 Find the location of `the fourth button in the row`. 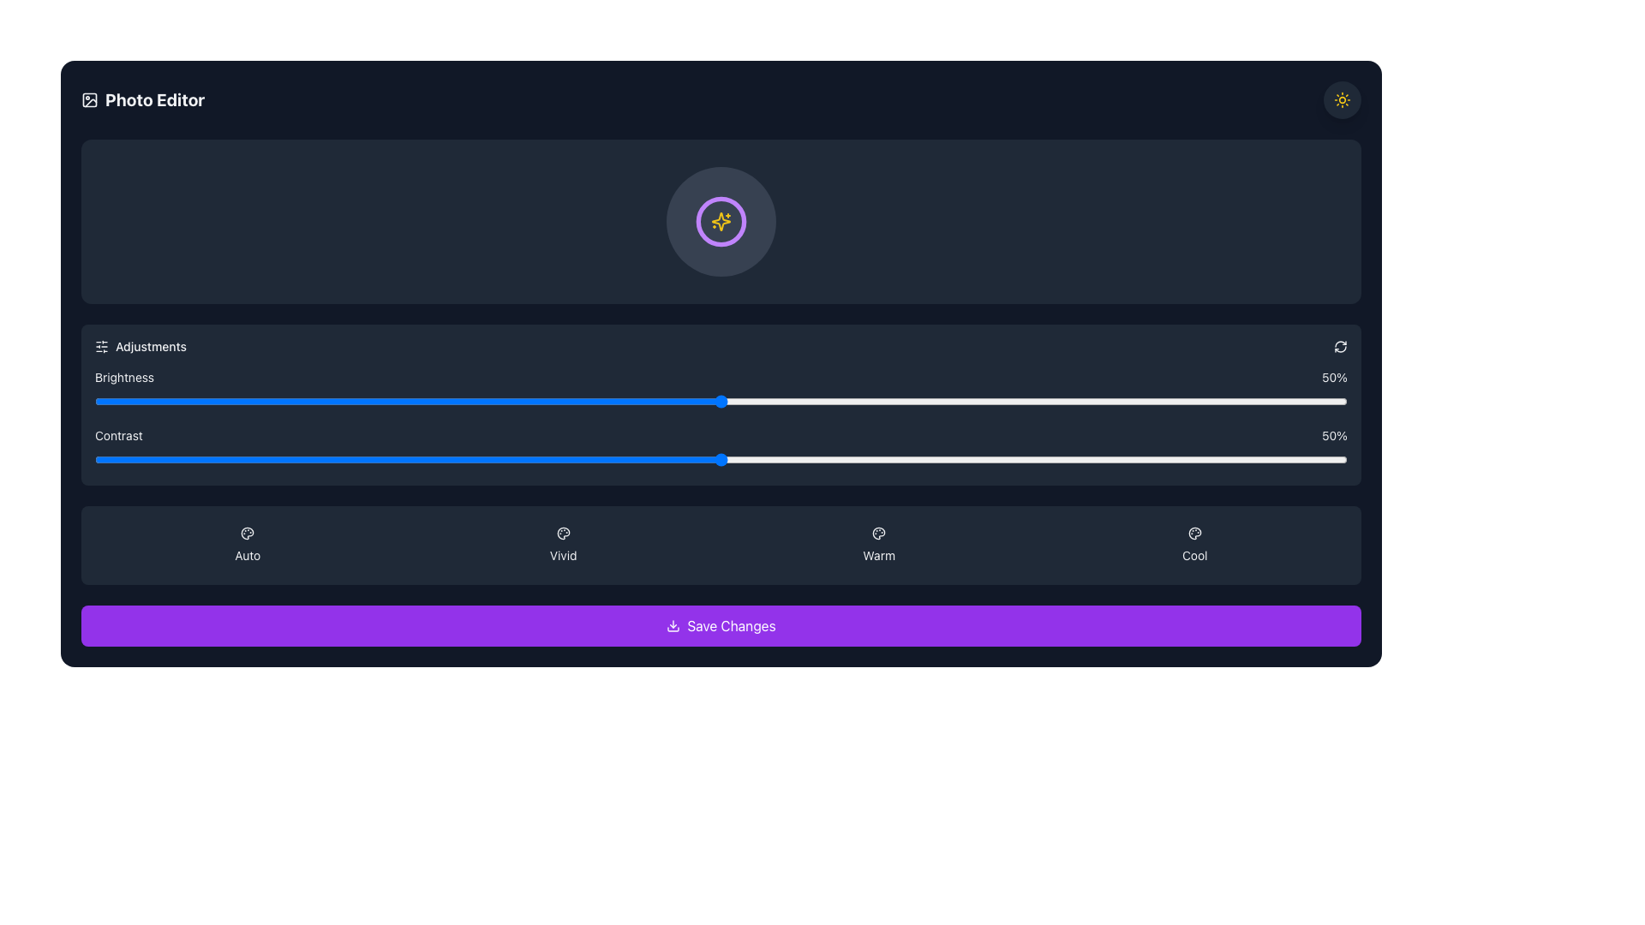

the fourth button in the row is located at coordinates (1193, 545).